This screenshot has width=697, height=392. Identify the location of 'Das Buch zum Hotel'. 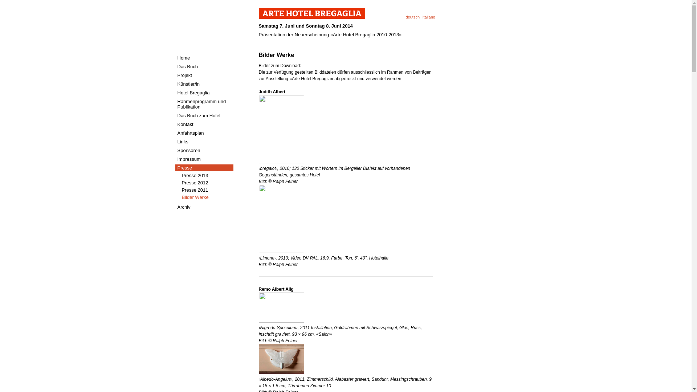
(203, 115).